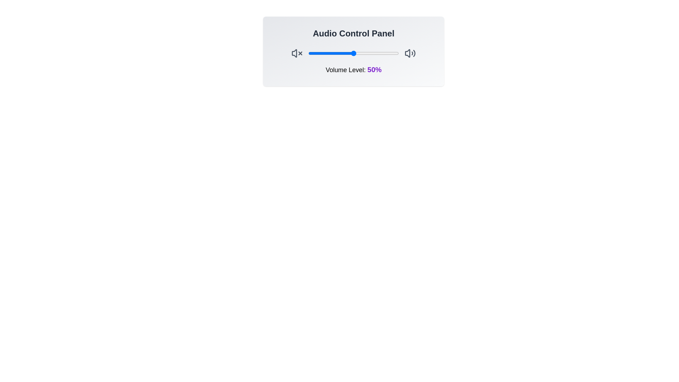  Describe the element at coordinates (374, 69) in the screenshot. I see `the text label displaying '50%' in large, bold, purple font, which is part of the 'Volume Level: 50%' text block` at that location.